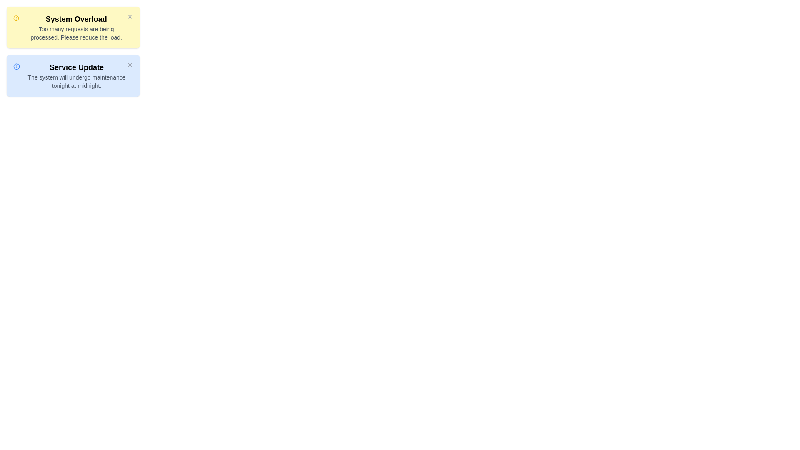  I want to click on information displayed in the text label that informs users about a system overload issue, located in the upper section of the interface within a yellow notification box, so click(76, 27).